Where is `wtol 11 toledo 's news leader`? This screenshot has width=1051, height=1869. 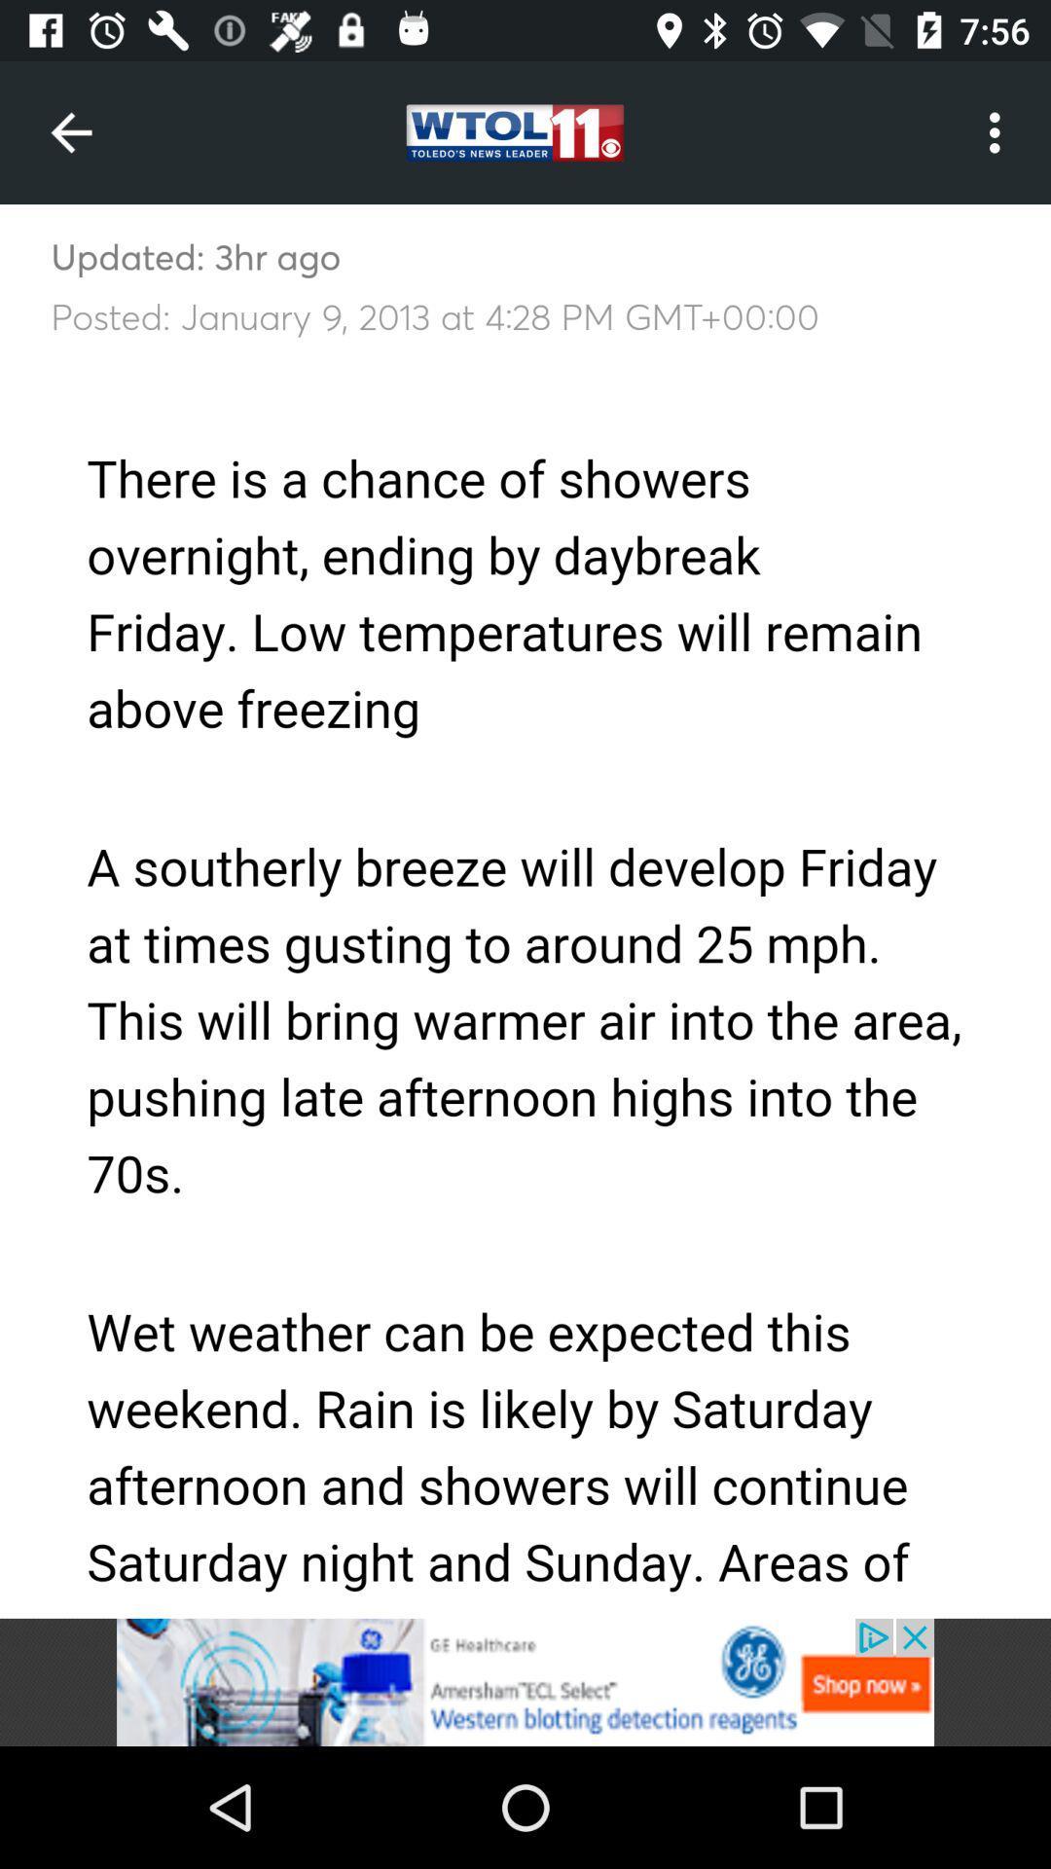
wtol 11 toledo 's news leader is located at coordinates (525, 1681).